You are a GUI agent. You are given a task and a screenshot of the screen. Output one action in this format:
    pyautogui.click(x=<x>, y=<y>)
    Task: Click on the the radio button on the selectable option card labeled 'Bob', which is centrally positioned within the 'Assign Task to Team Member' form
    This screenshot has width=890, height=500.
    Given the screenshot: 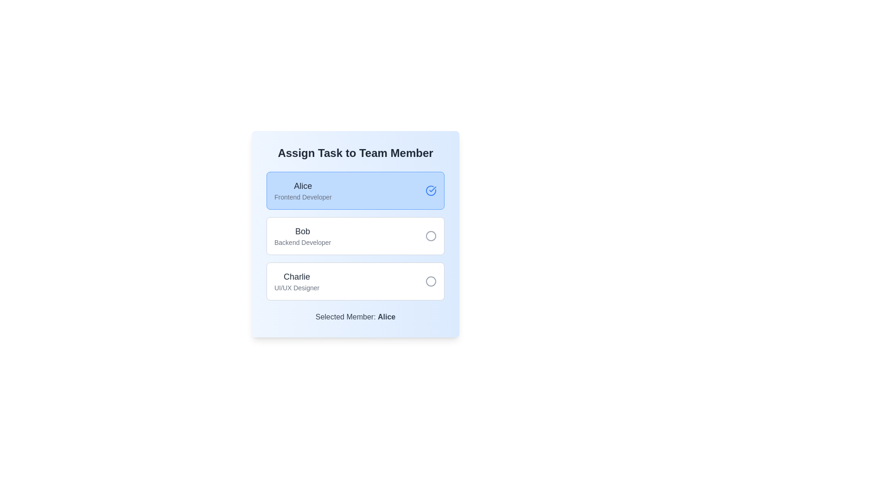 What is the action you would take?
    pyautogui.click(x=355, y=235)
    